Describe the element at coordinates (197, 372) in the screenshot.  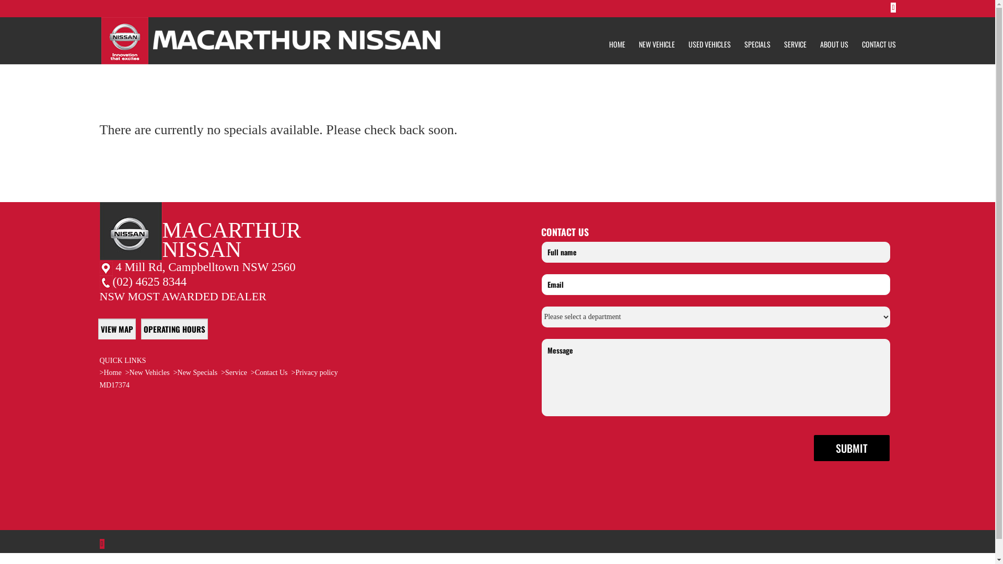
I see `'New Specials'` at that location.